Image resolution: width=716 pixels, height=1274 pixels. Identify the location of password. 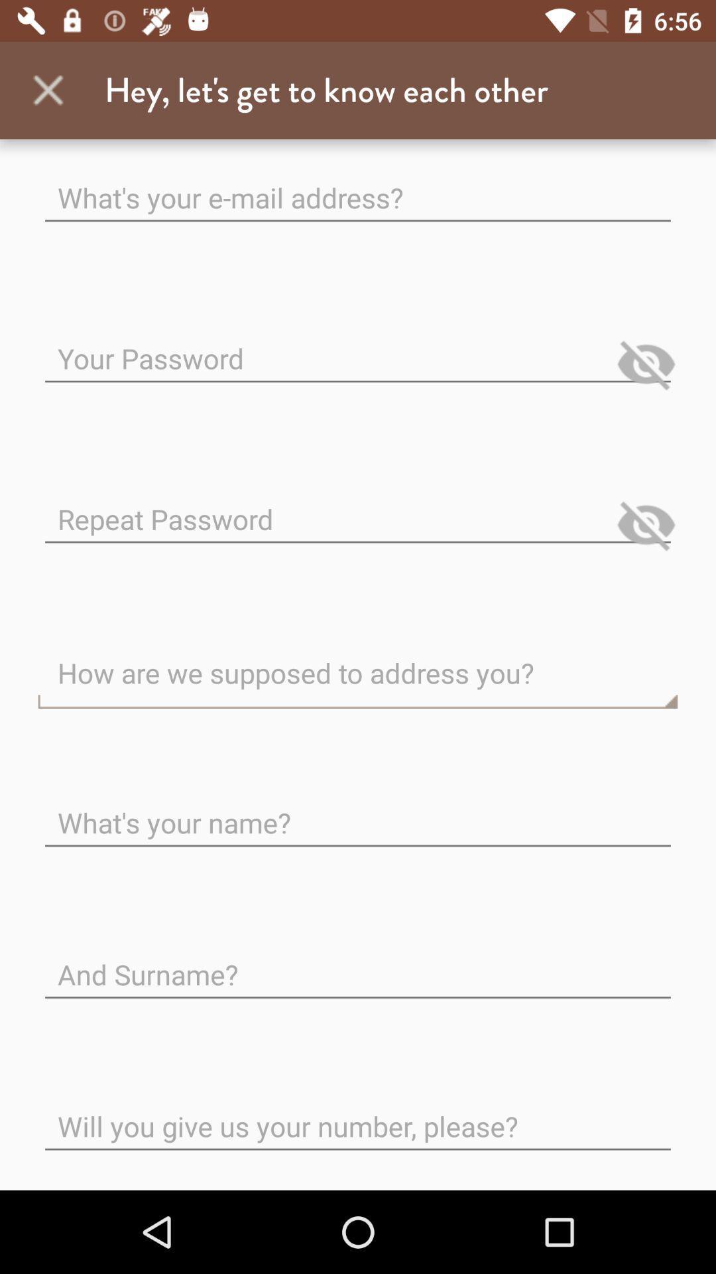
(358, 348).